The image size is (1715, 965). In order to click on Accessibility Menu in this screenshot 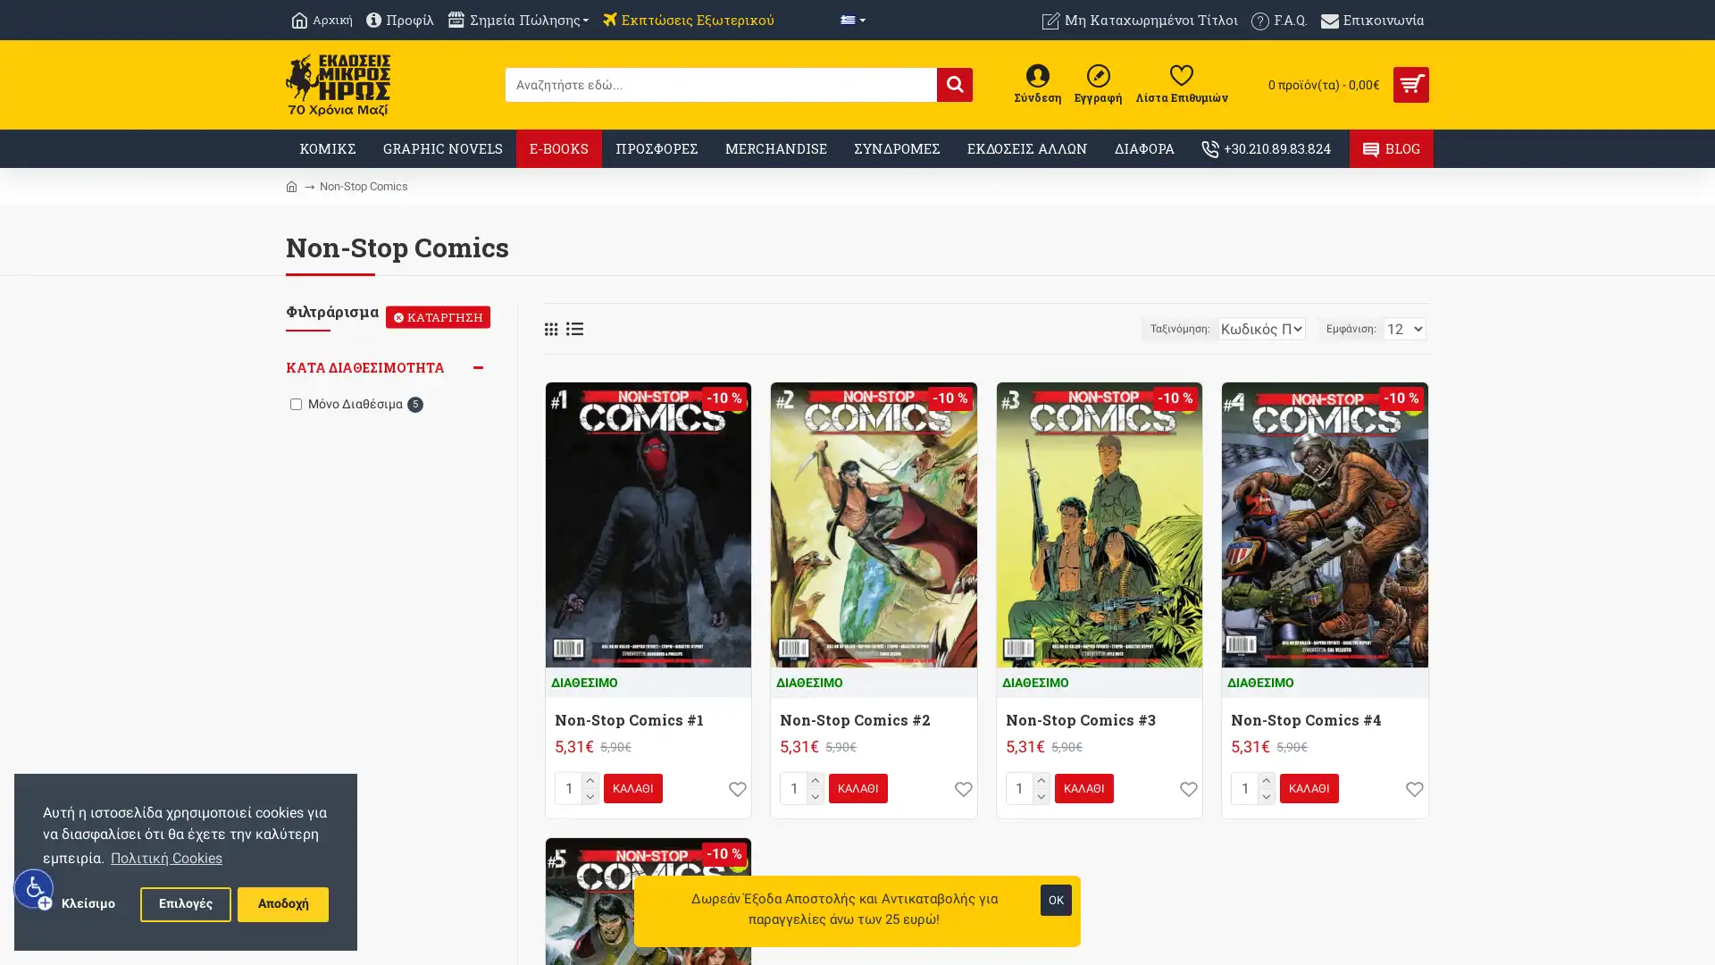, I will do `click(34, 888)`.